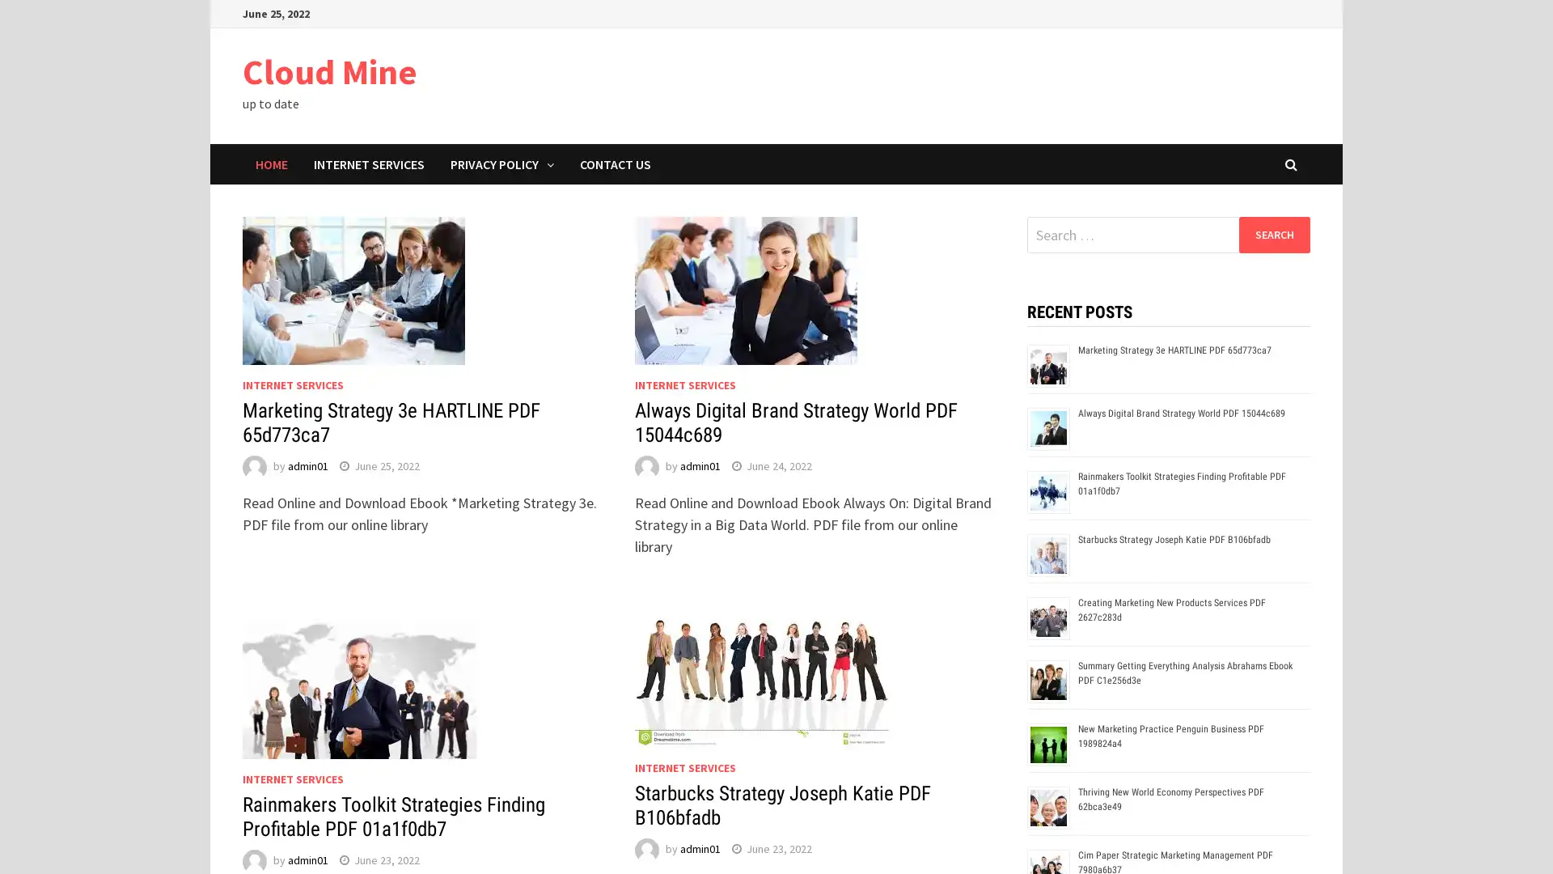 The height and width of the screenshot is (874, 1553). I want to click on Search, so click(1273, 234).